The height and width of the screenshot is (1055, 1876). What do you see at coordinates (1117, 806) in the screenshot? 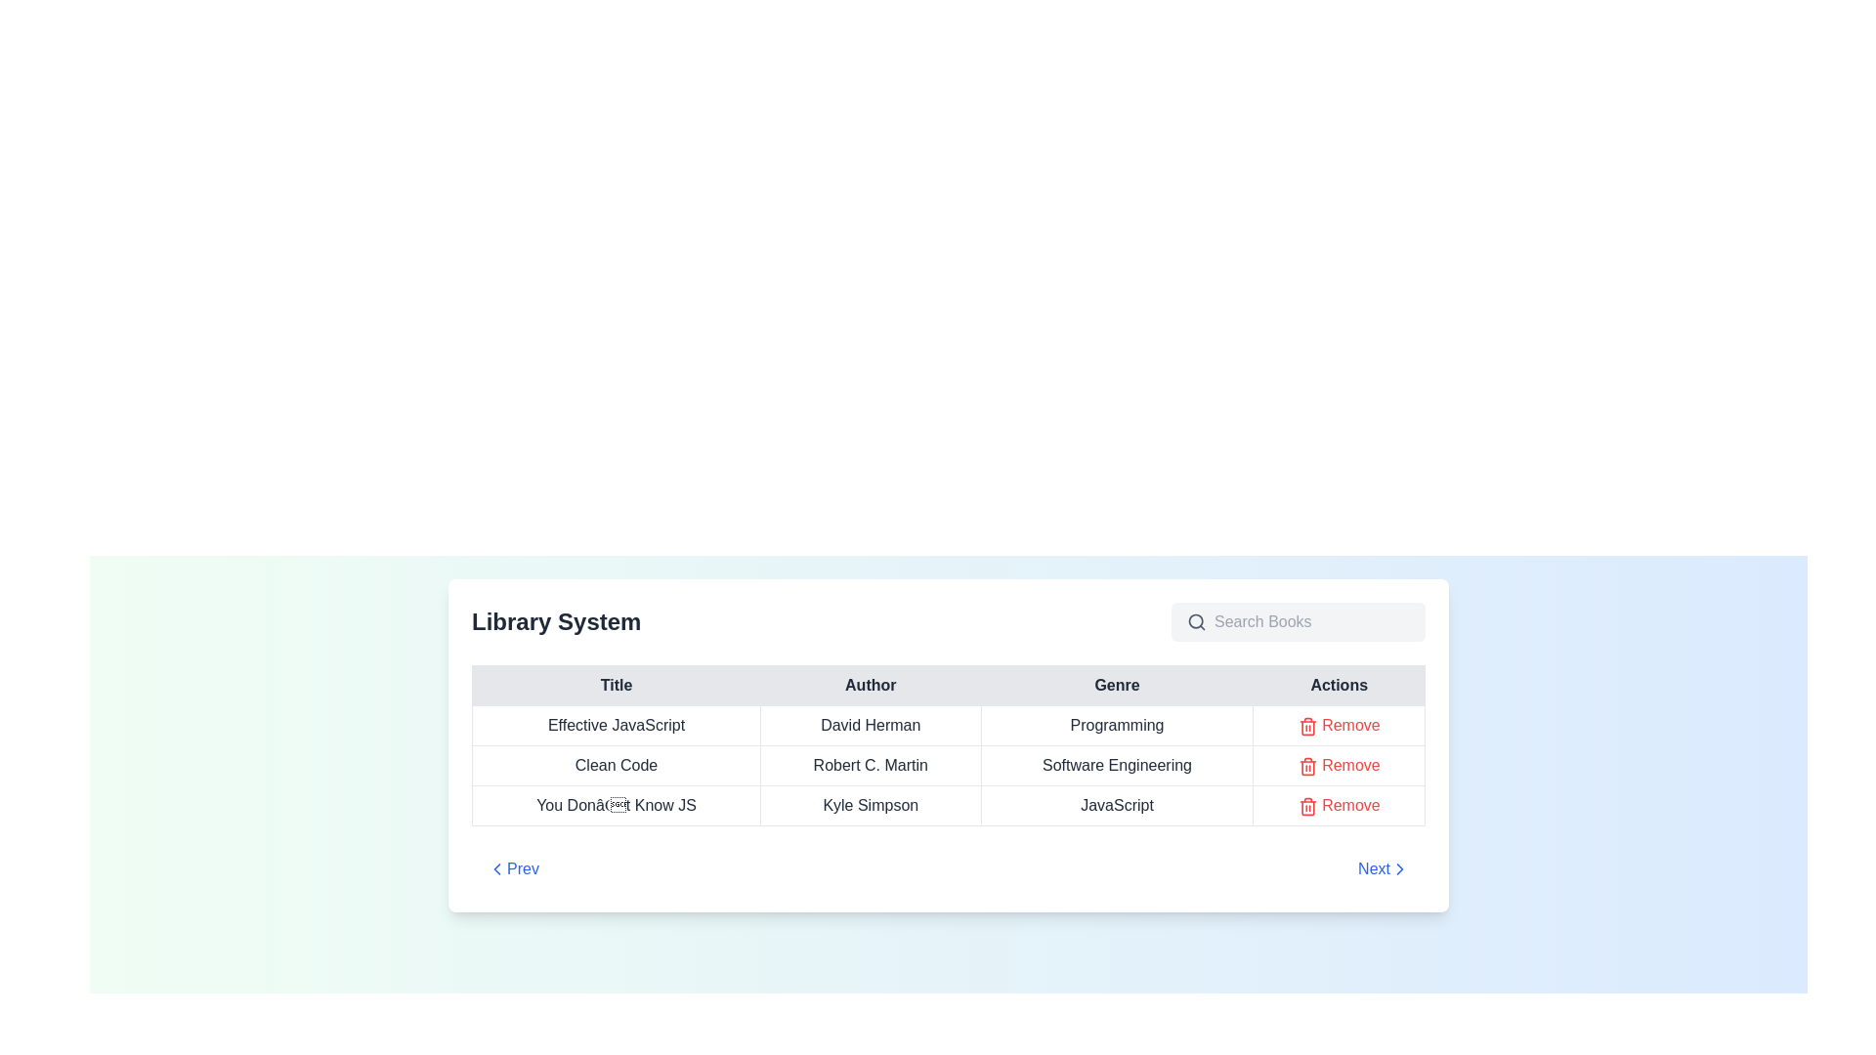
I see `the Text label displaying the genre of a book in the third row under the 'Genre' column of the table` at bounding box center [1117, 806].